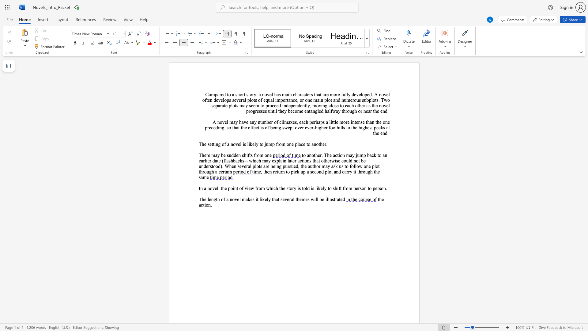  Describe the element at coordinates (274, 160) in the screenshot. I see `the subset text "xplain late" within the text "to another. The action may jump back to an earlier date (flashbacks – which may explain later actions that otherwise could not be understood). When several plots are being pursued, the author may ask us to follow one plot through a certain"` at that location.